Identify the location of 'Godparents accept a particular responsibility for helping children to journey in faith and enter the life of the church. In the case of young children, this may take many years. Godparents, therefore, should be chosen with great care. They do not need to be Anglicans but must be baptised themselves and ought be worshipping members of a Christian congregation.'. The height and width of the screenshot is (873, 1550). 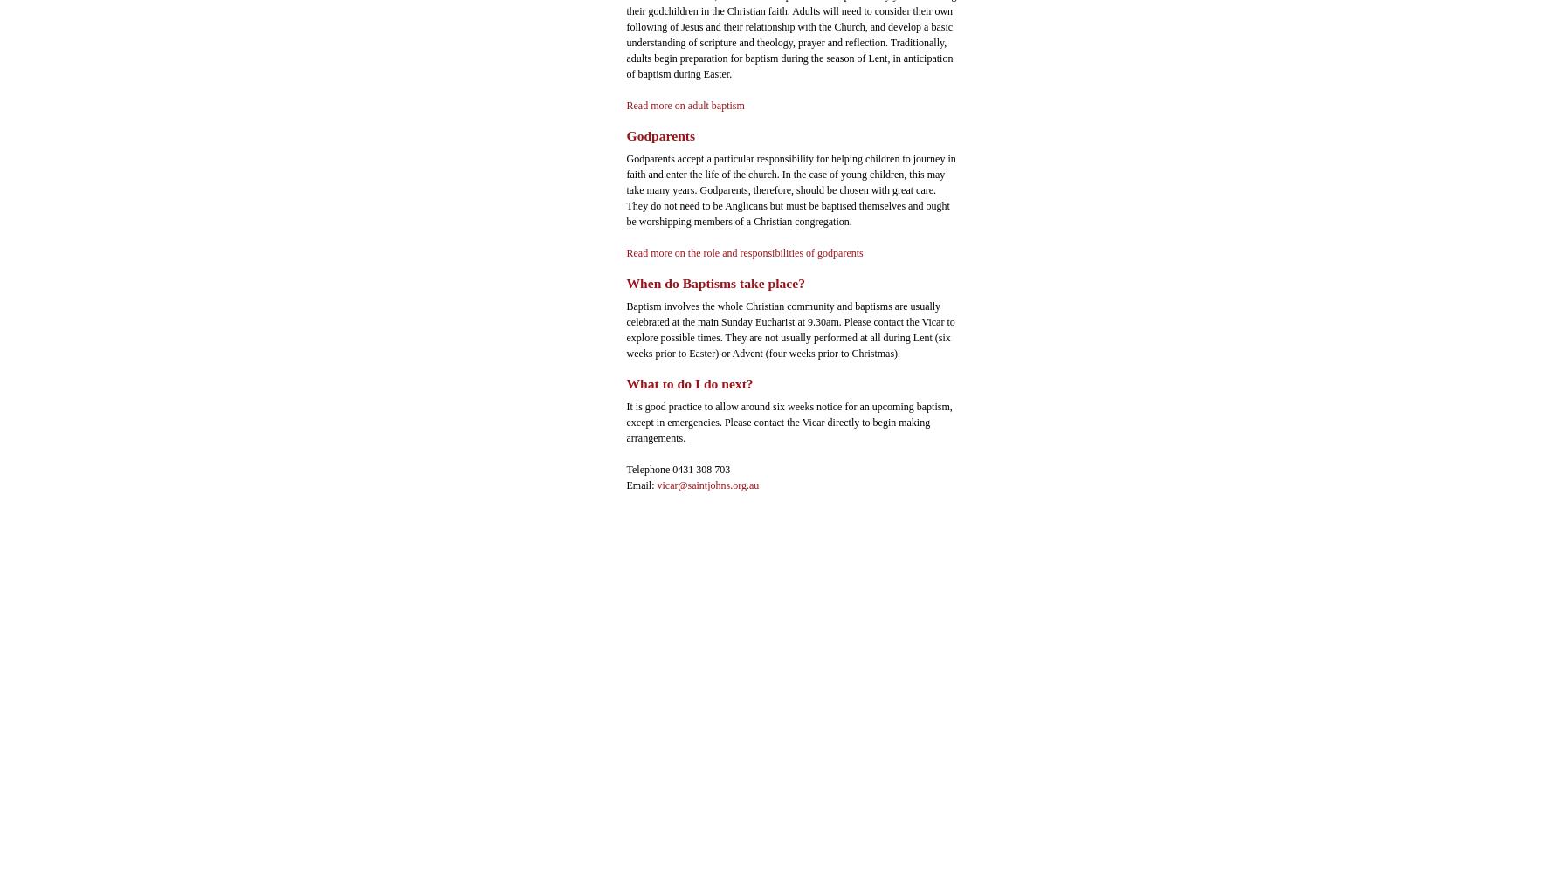
(790, 189).